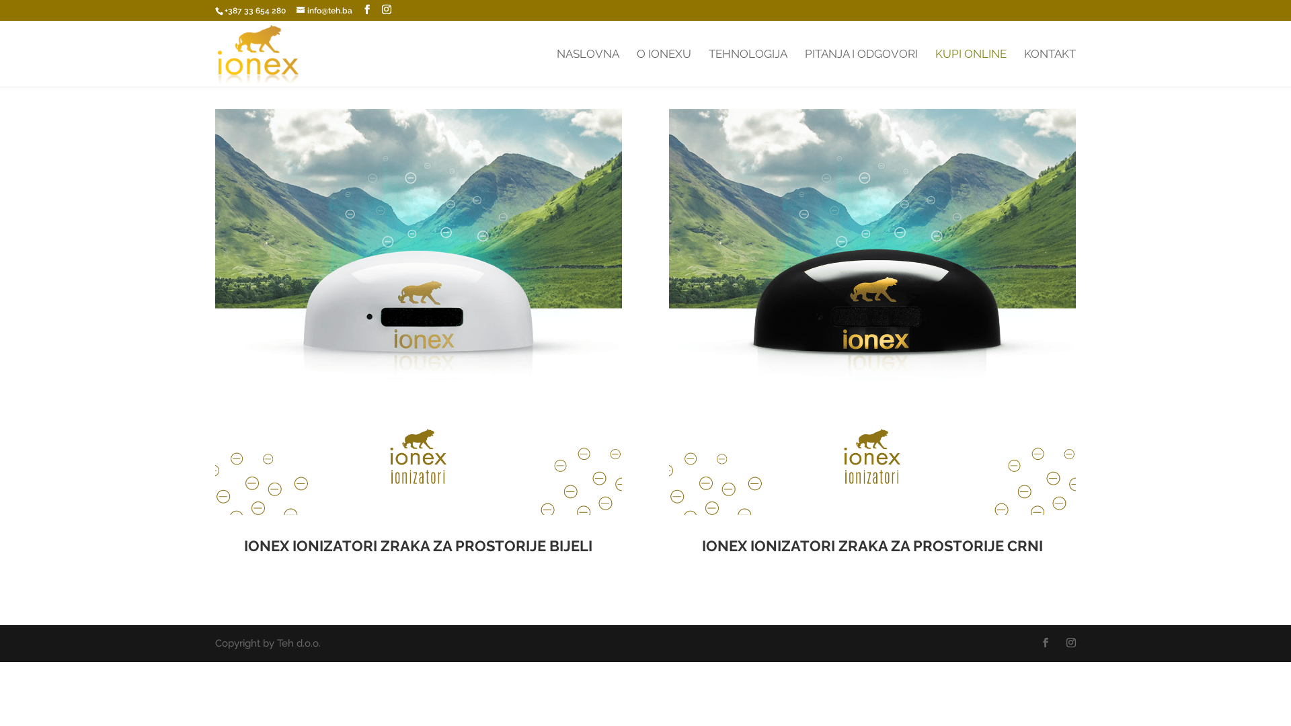 This screenshot has width=1291, height=726. What do you see at coordinates (861, 67) in the screenshot?
I see `'PITANJA I ODGOVORI'` at bounding box center [861, 67].